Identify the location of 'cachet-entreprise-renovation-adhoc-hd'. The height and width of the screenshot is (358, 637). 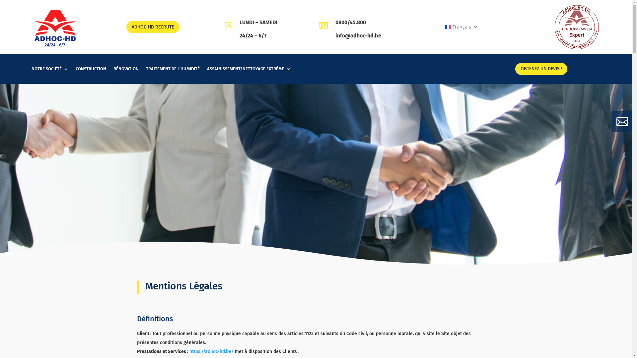
(576, 27).